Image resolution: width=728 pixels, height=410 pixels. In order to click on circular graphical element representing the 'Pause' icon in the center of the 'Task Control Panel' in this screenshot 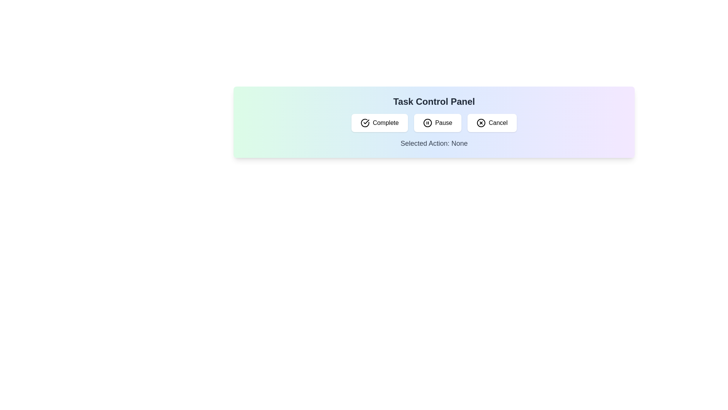, I will do `click(427, 123)`.